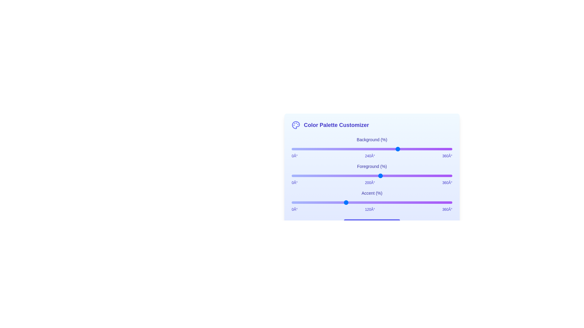 Image resolution: width=584 pixels, height=328 pixels. I want to click on the foreground color slider to set its hue value to 49°, so click(313, 176).